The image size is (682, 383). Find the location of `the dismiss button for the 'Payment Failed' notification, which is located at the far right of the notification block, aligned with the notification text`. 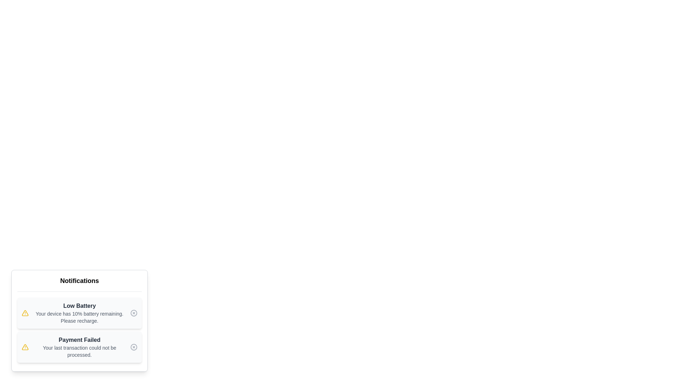

the dismiss button for the 'Payment Failed' notification, which is located at the far right of the notification block, aligned with the notification text is located at coordinates (134, 347).